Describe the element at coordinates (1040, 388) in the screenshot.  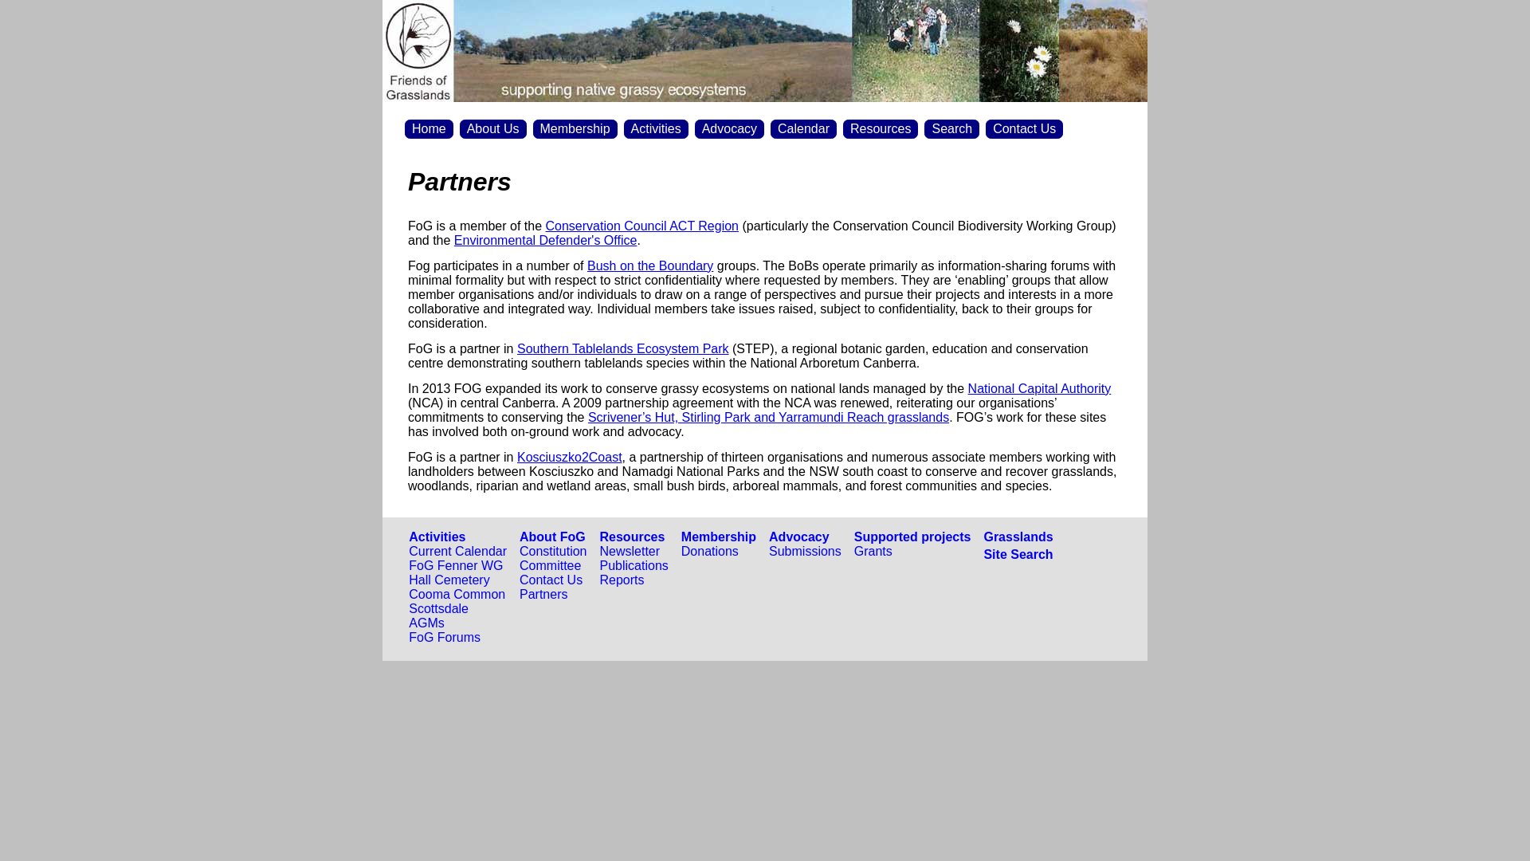
I see `'National Capital Authority'` at that location.